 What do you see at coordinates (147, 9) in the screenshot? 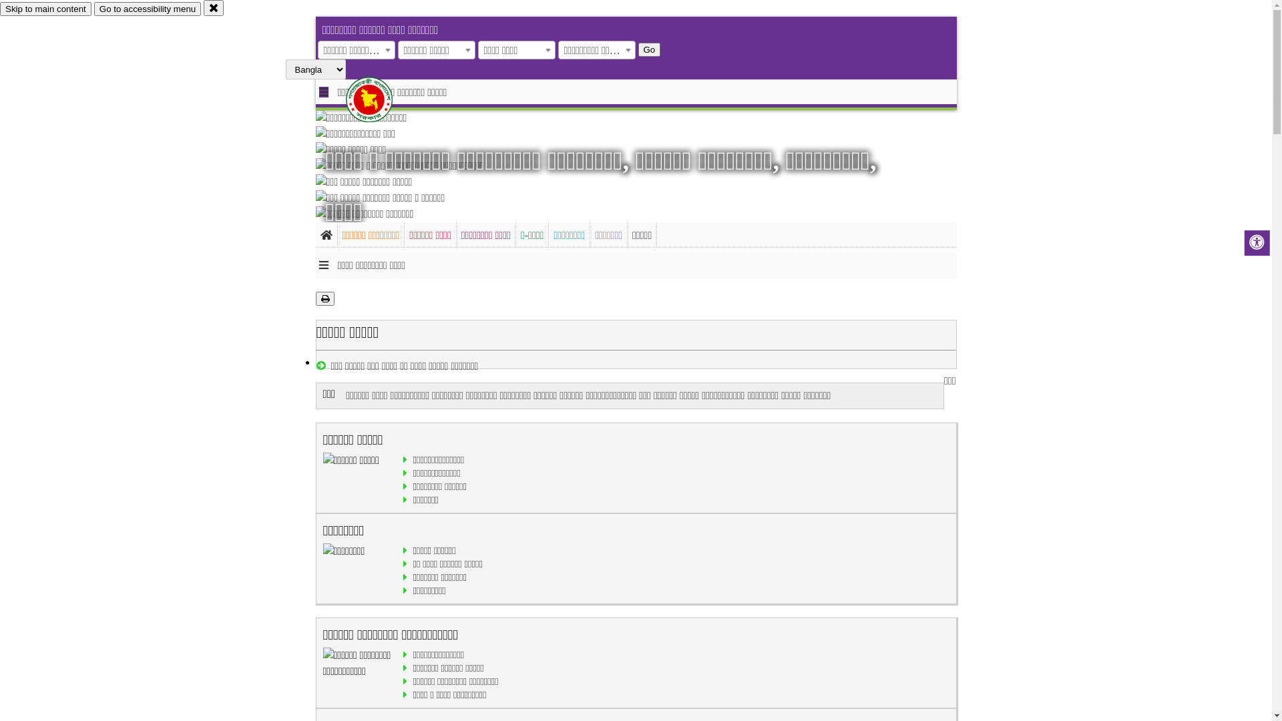
I see `'Go to accessibility menu'` at bounding box center [147, 9].